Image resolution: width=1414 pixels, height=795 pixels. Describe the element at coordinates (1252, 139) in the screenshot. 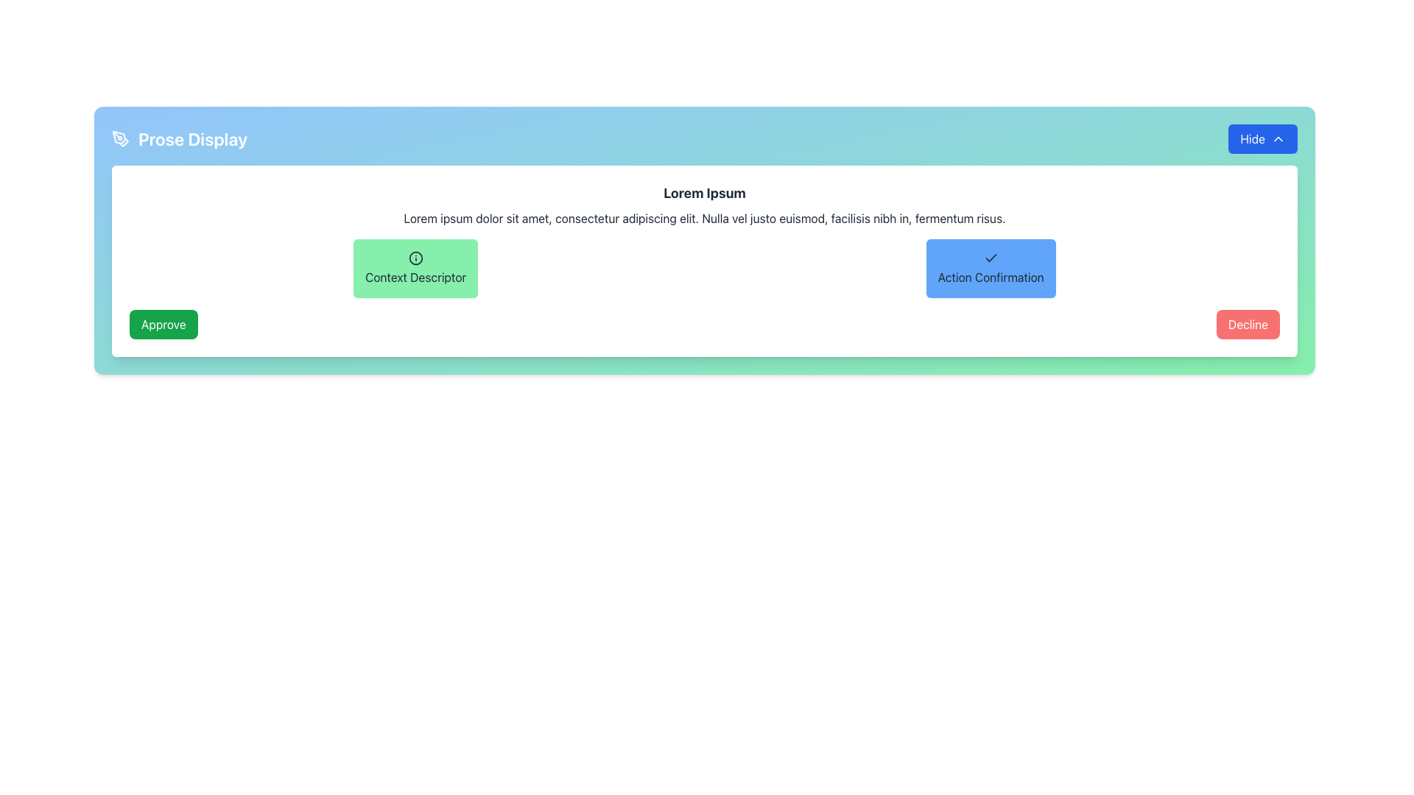

I see `the blue button containing the text label in the top right corner of the panel to hide or collapse content` at that location.